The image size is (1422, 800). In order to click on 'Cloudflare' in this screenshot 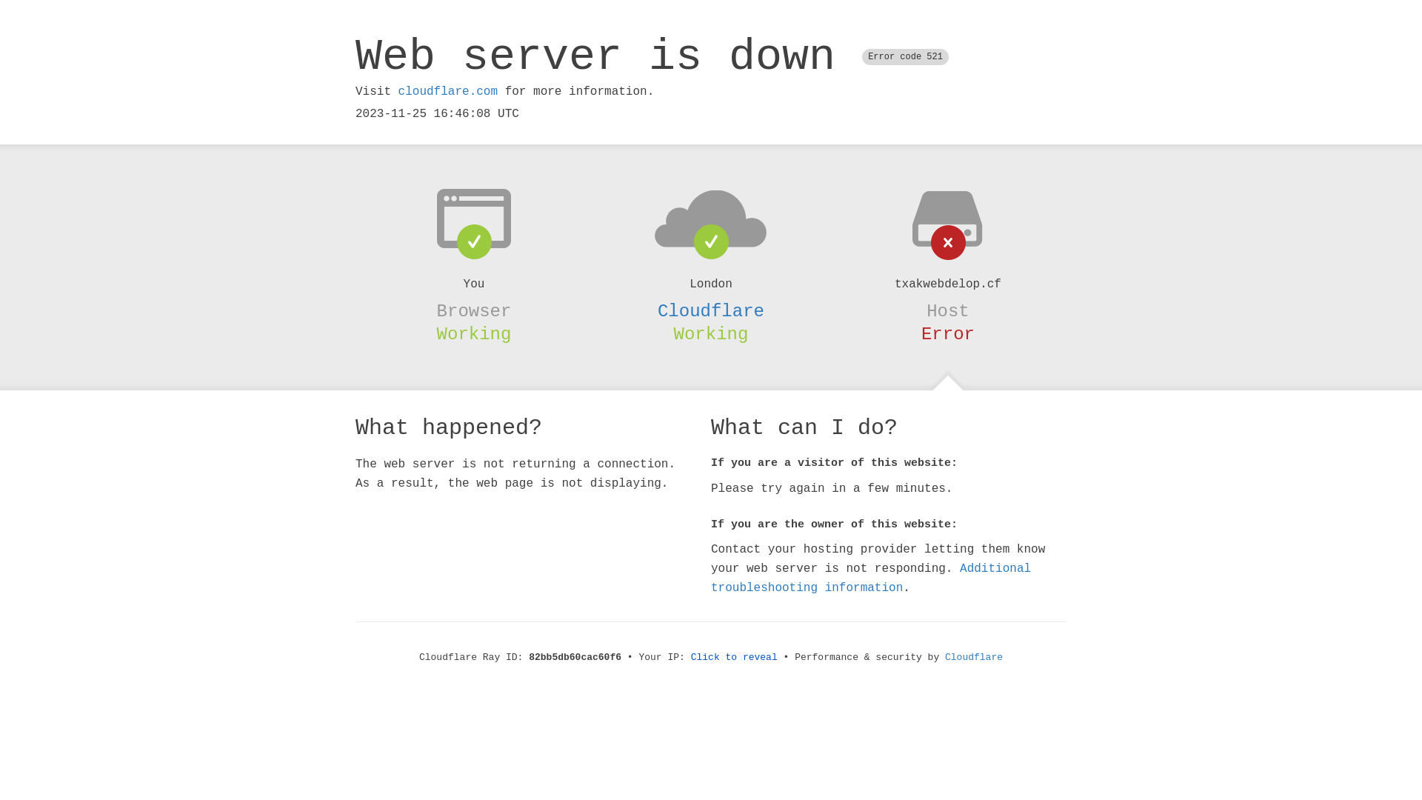, I will do `click(711, 310)`.